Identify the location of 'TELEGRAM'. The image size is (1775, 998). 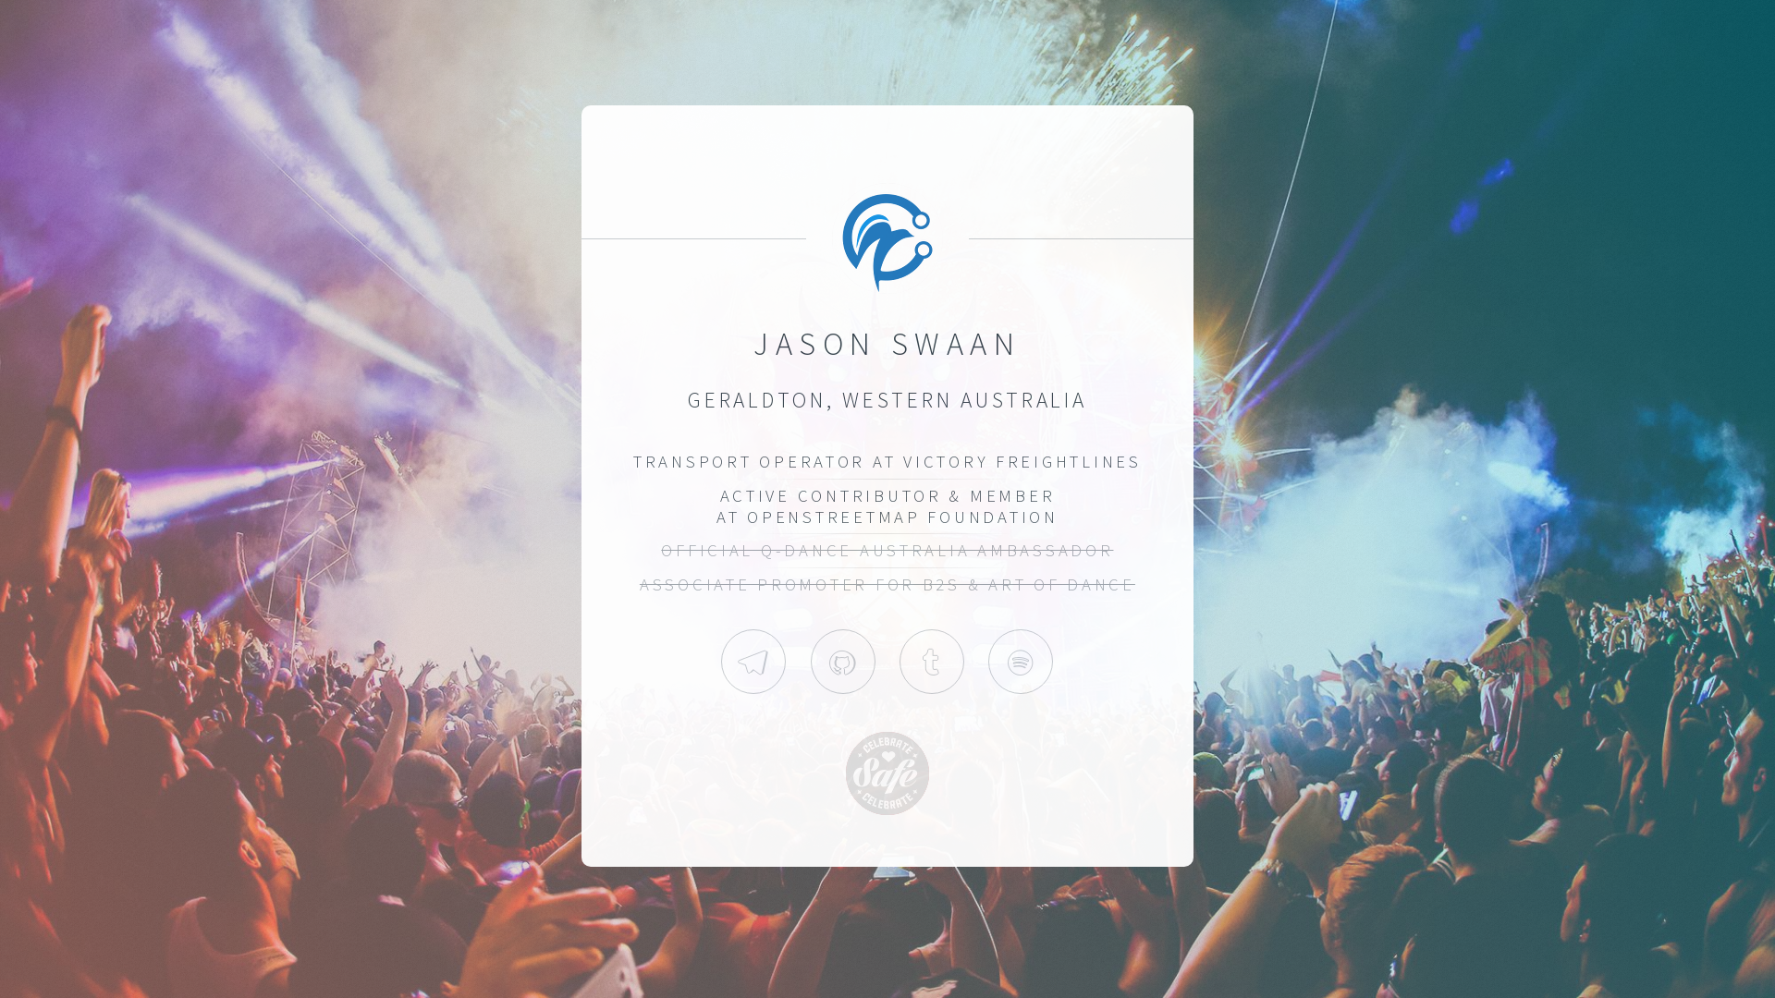
(753, 661).